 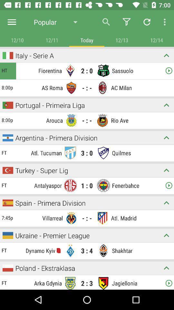 What do you see at coordinates (166, 268) in the screenshot?
I see `minimize this section` at bounding box center [166, 268].